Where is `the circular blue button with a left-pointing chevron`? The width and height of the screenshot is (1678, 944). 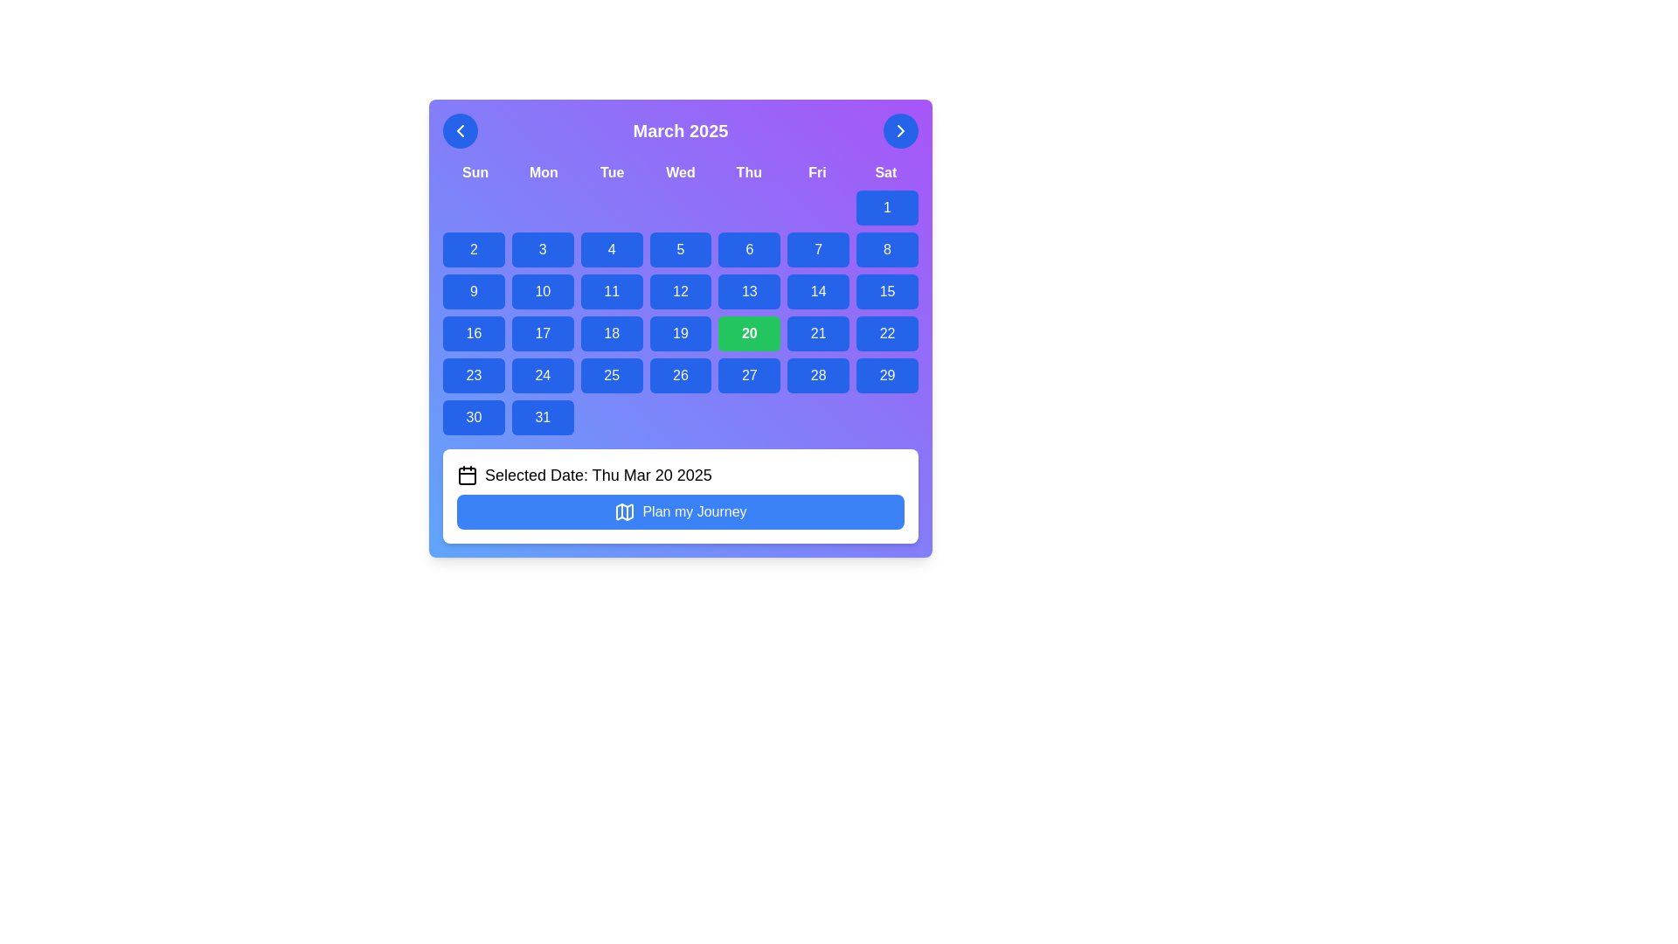 the circular blue button with a left-pointing chevron is located at coordinates (461, 130).